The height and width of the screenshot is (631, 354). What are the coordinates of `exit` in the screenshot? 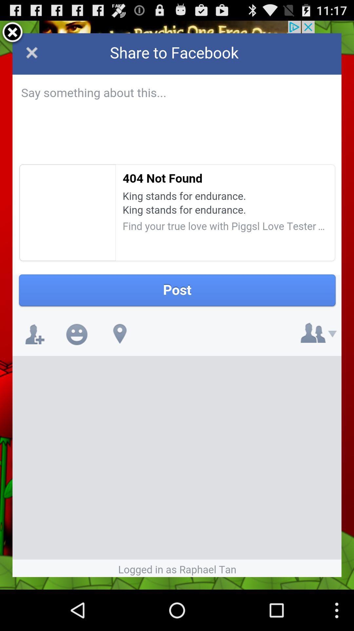 It's located at (12, 33).